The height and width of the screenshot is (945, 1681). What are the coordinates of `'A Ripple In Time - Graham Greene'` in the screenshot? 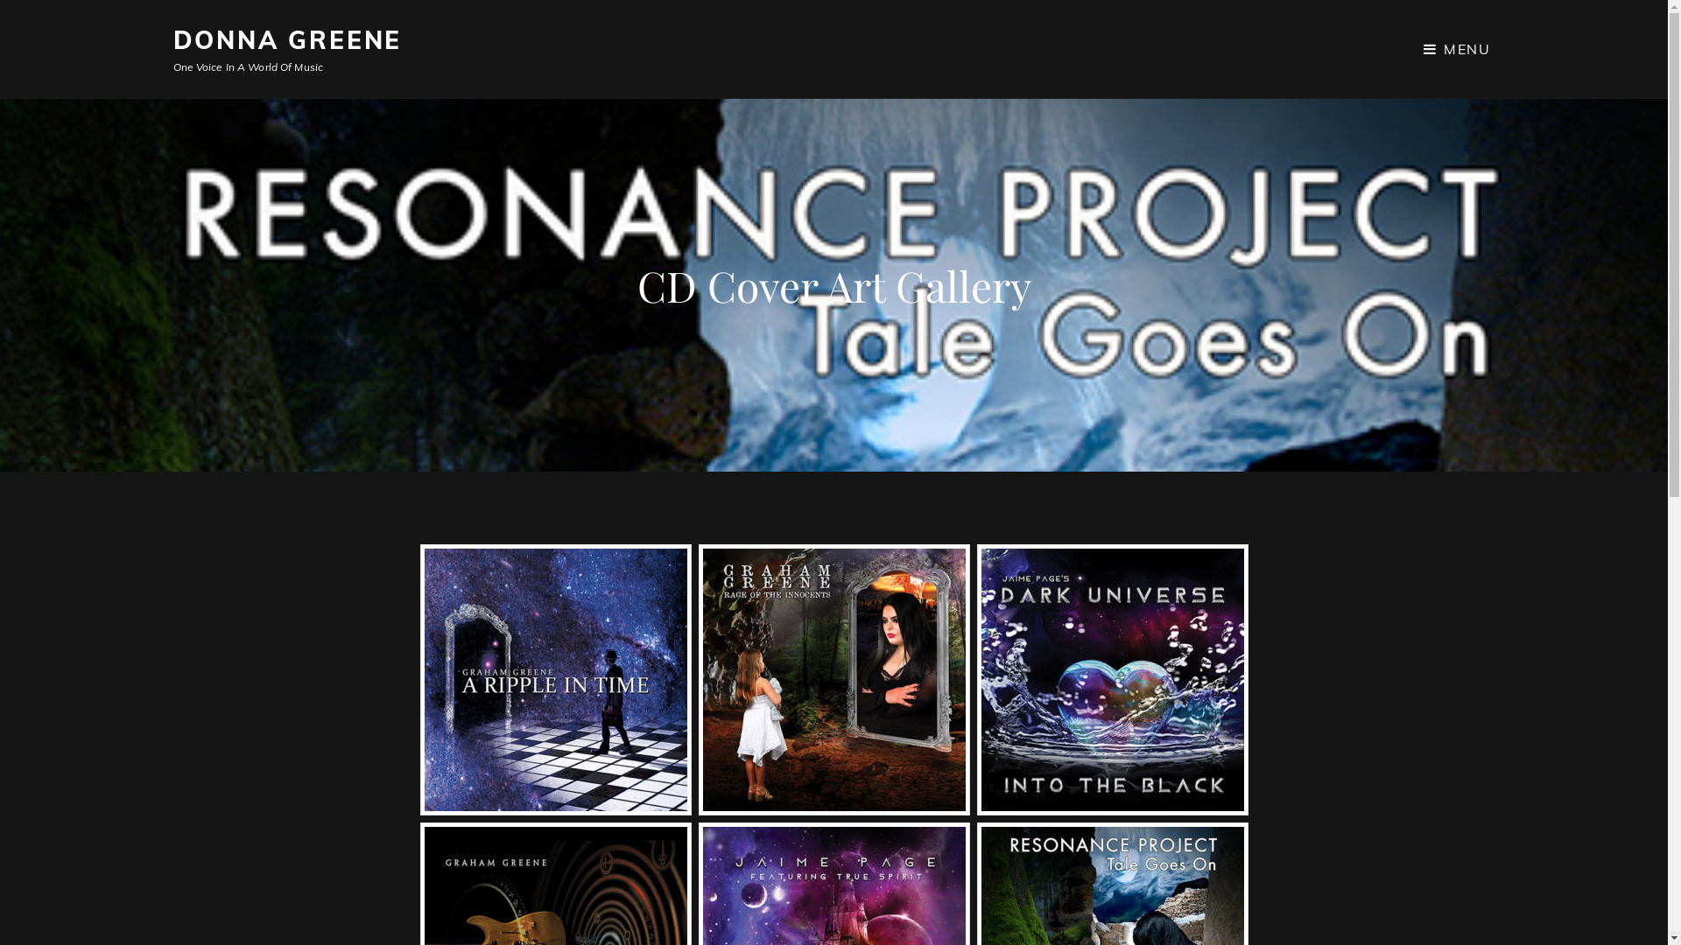 It's located at (553, 678).